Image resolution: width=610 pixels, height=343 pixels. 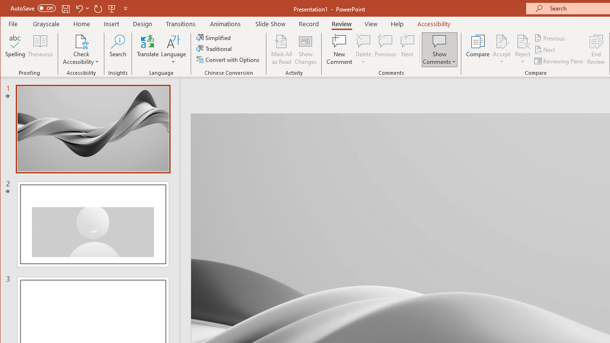 What do you see at coordinates (501, 40) in the screenshot?
I see `'Accept Change'` at bounding box center [501, 40].